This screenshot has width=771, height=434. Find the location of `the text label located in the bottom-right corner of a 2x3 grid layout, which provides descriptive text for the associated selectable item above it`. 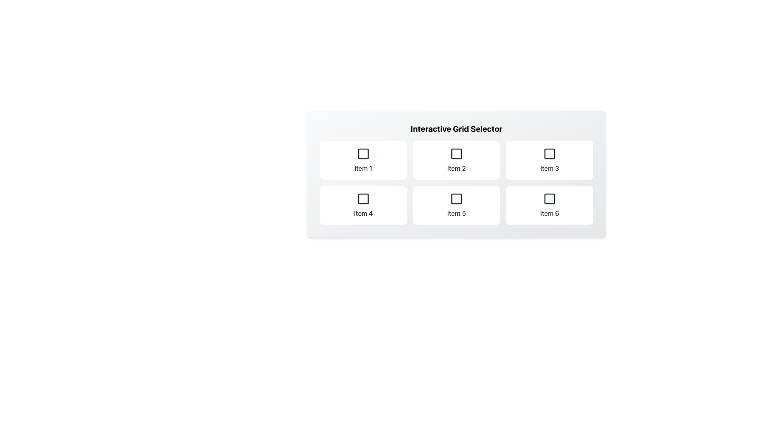

the text label located in the bottom-right corner of a 2x3 grid layout, which provides descriptive text for the associated selectable item above it is located at coordinates (549, 213).